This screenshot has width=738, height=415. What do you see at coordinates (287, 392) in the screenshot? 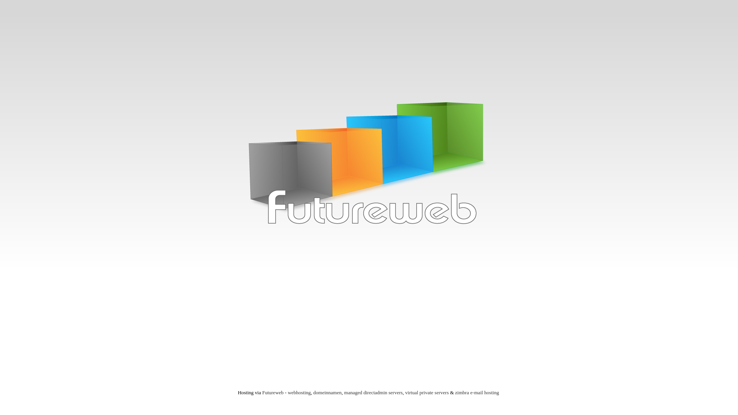
I see `'webhosting'` at bounding box center [287, 392].